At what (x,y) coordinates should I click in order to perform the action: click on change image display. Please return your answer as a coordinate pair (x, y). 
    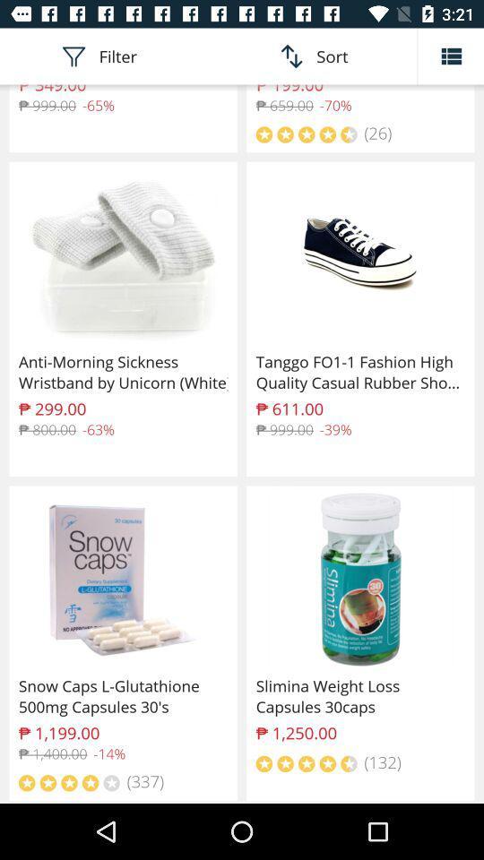
    Looking at the image, I should click on (450, 56).